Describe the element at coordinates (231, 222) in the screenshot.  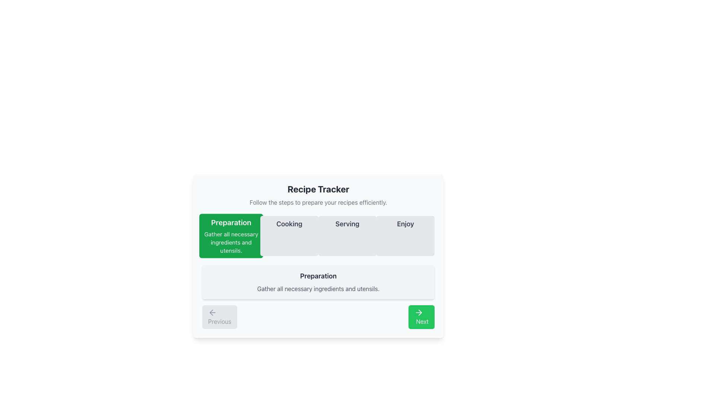
I see `the 'Preparation' text label which is styled with a bold font on a green background, located in the upper-left area of the interface` at that location.